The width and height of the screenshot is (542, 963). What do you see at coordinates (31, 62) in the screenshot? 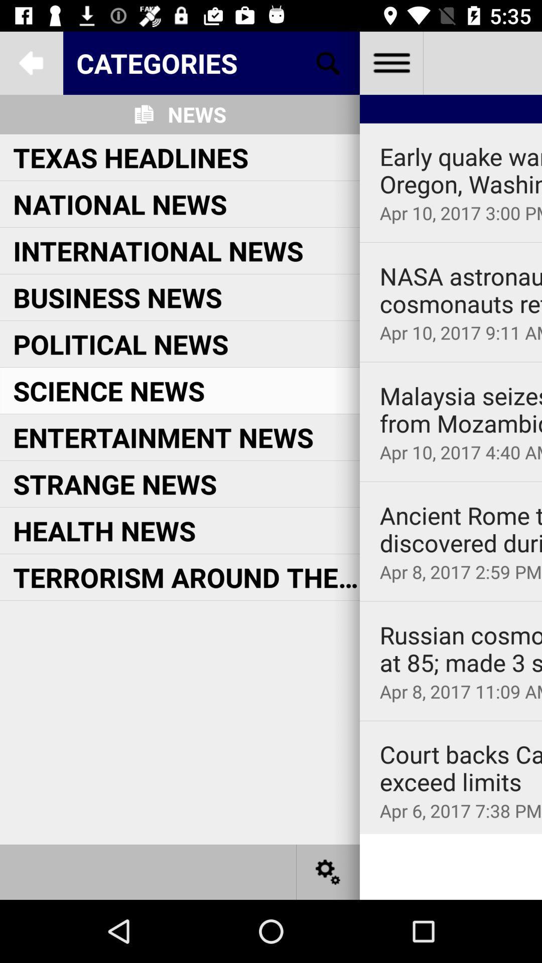
I see `click arrow to go to previous screen or page` at bounding box center [31, 62].